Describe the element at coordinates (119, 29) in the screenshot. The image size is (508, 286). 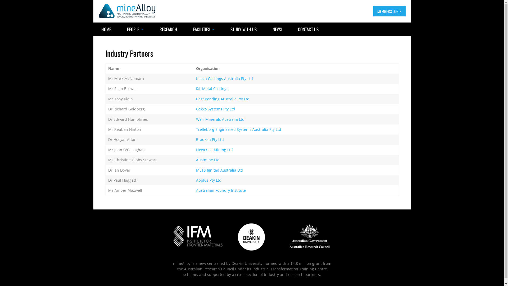
I see `'PEOPLE'` at that location.